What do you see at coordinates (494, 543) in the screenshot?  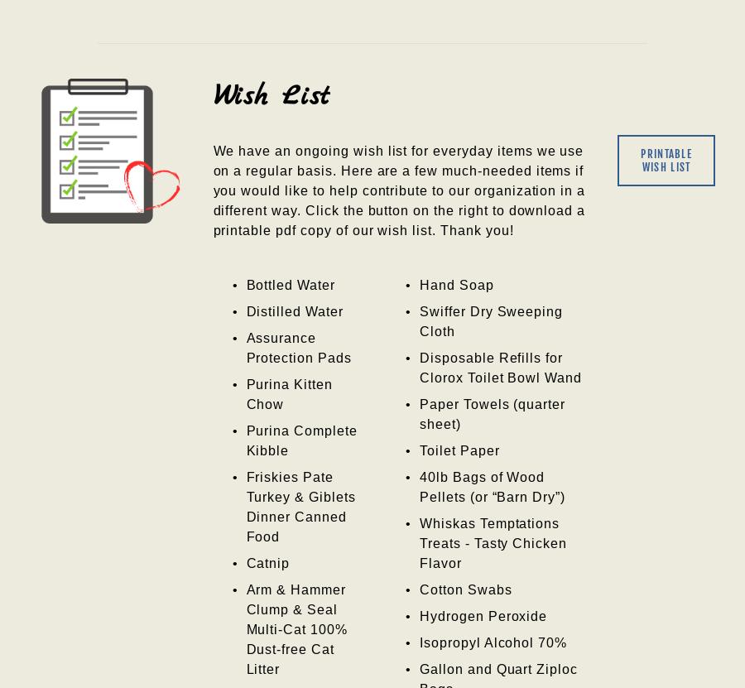 I see `'Whiskas Temptations Treats - Tasty Chicken Flavor'` at bounding box center [494, 543].